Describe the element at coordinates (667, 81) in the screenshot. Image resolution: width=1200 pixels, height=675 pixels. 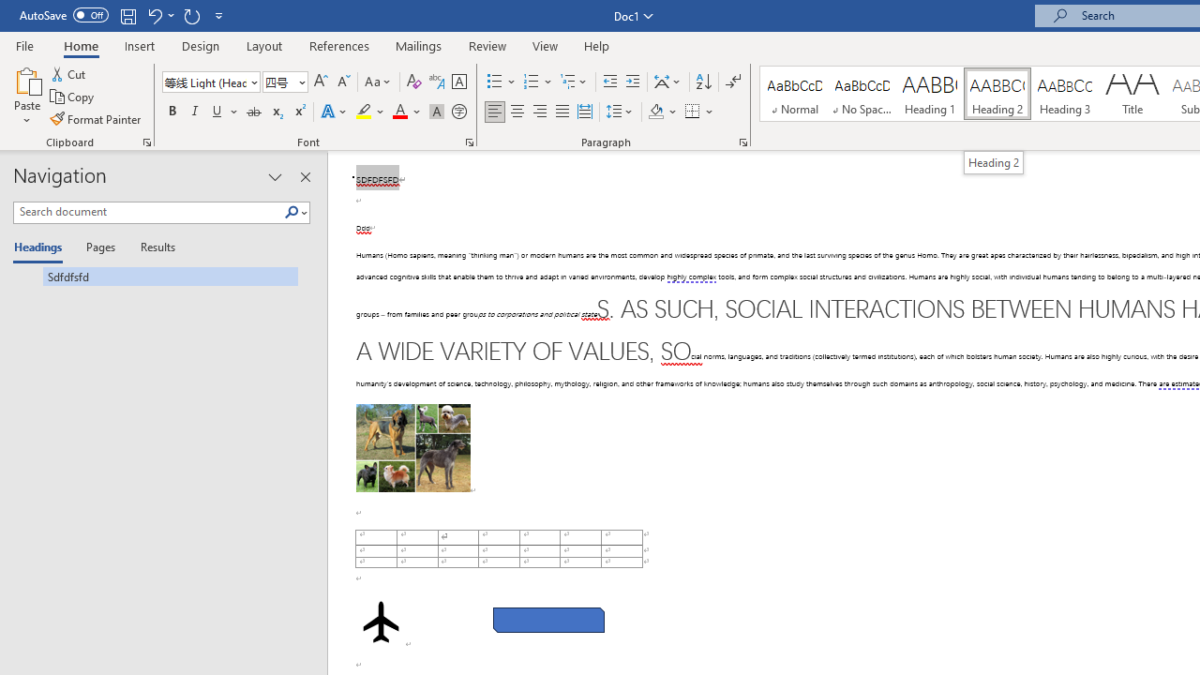
I see `'Asian Layout'` at that location.